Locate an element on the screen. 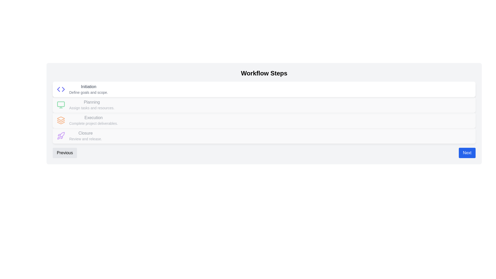 The height and width of the screenshot is (279, 496). the Text Display element indicating the 'Closure' phase in the workflow, which is positioned below 'Execution' and above 'Previous' and 'Next' buttons is located at coordinates (86, 135).